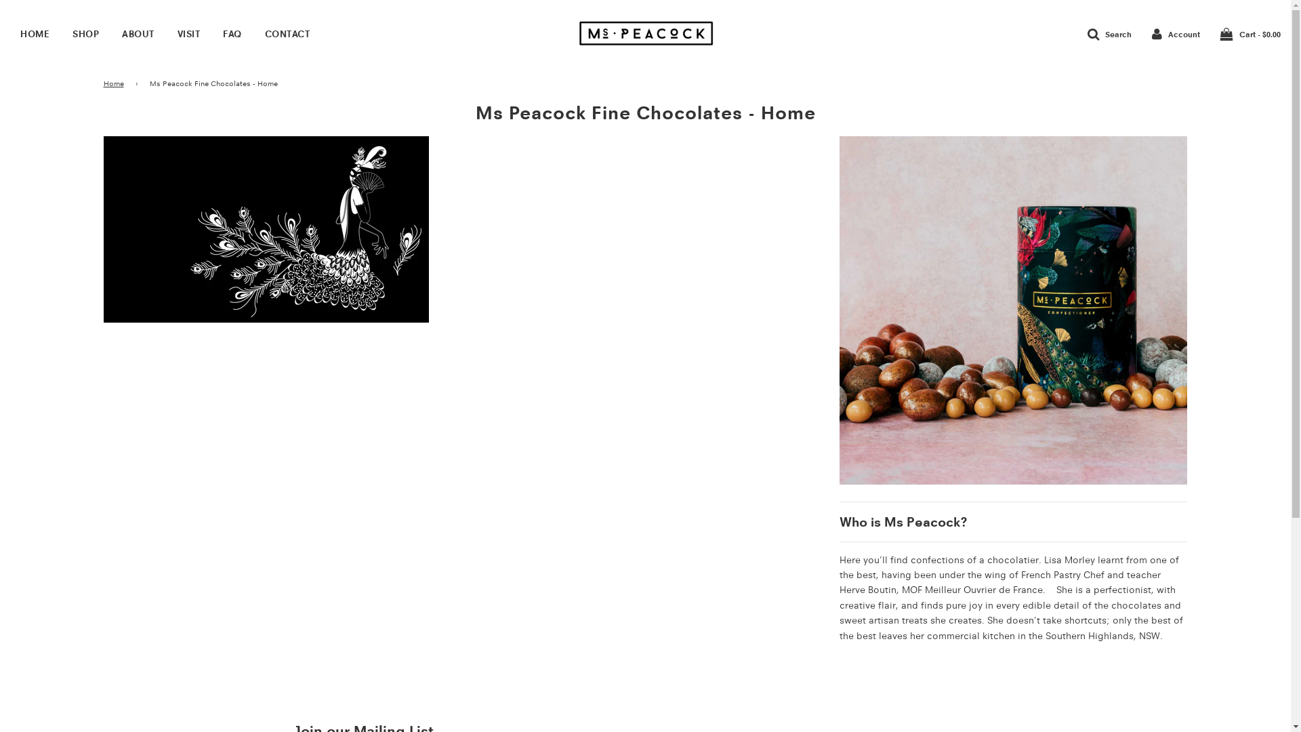 Image resolution: width=1301 pixels, height=732 pixels. Describe the element at coordinates (287, 33) in the screenshot. I see `'CONTACT'` at that location.